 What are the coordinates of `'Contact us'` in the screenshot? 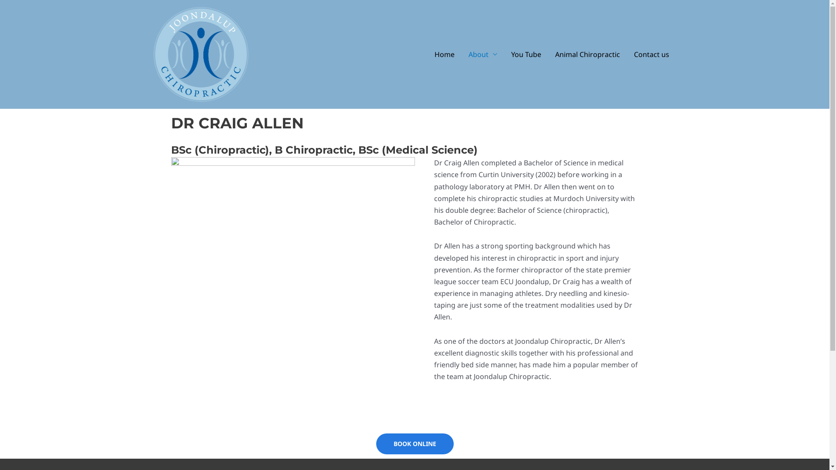 It's located at (651, 54).